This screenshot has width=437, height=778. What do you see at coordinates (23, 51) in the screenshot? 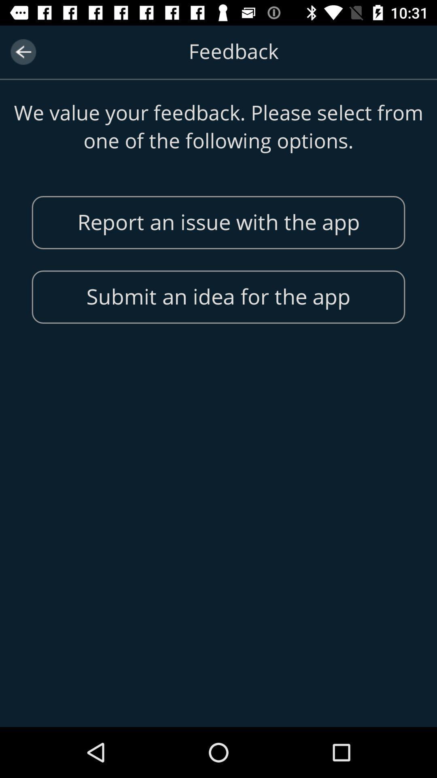
I see `the arrow_backward icon` at bounding box center [23, 51].